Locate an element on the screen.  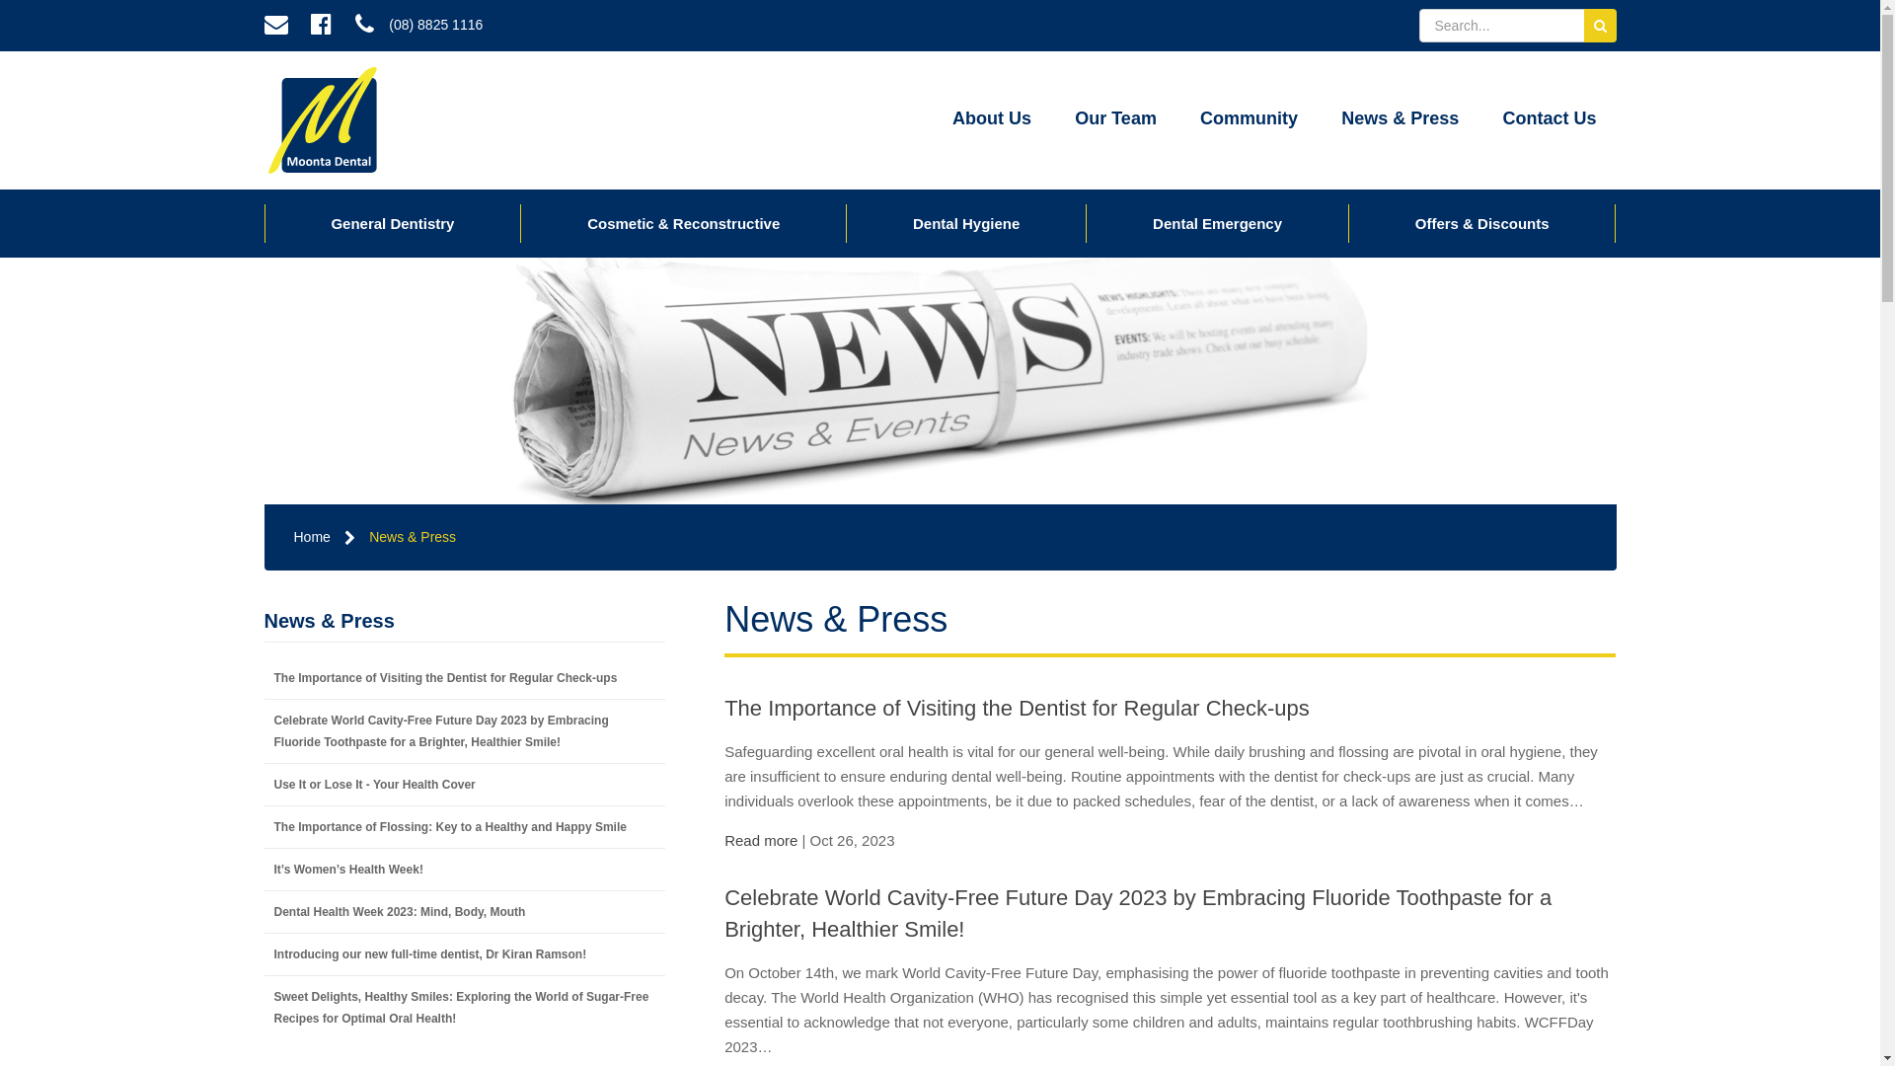
'To our Home page' is located at coordinates (264, 120).